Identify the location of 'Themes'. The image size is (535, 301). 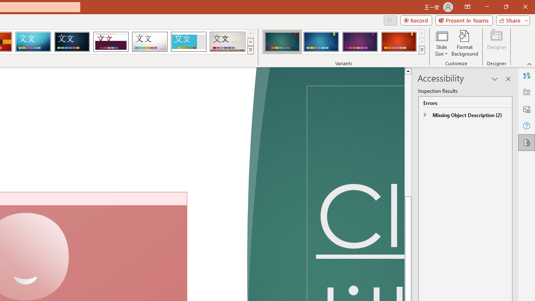
(250, 50).